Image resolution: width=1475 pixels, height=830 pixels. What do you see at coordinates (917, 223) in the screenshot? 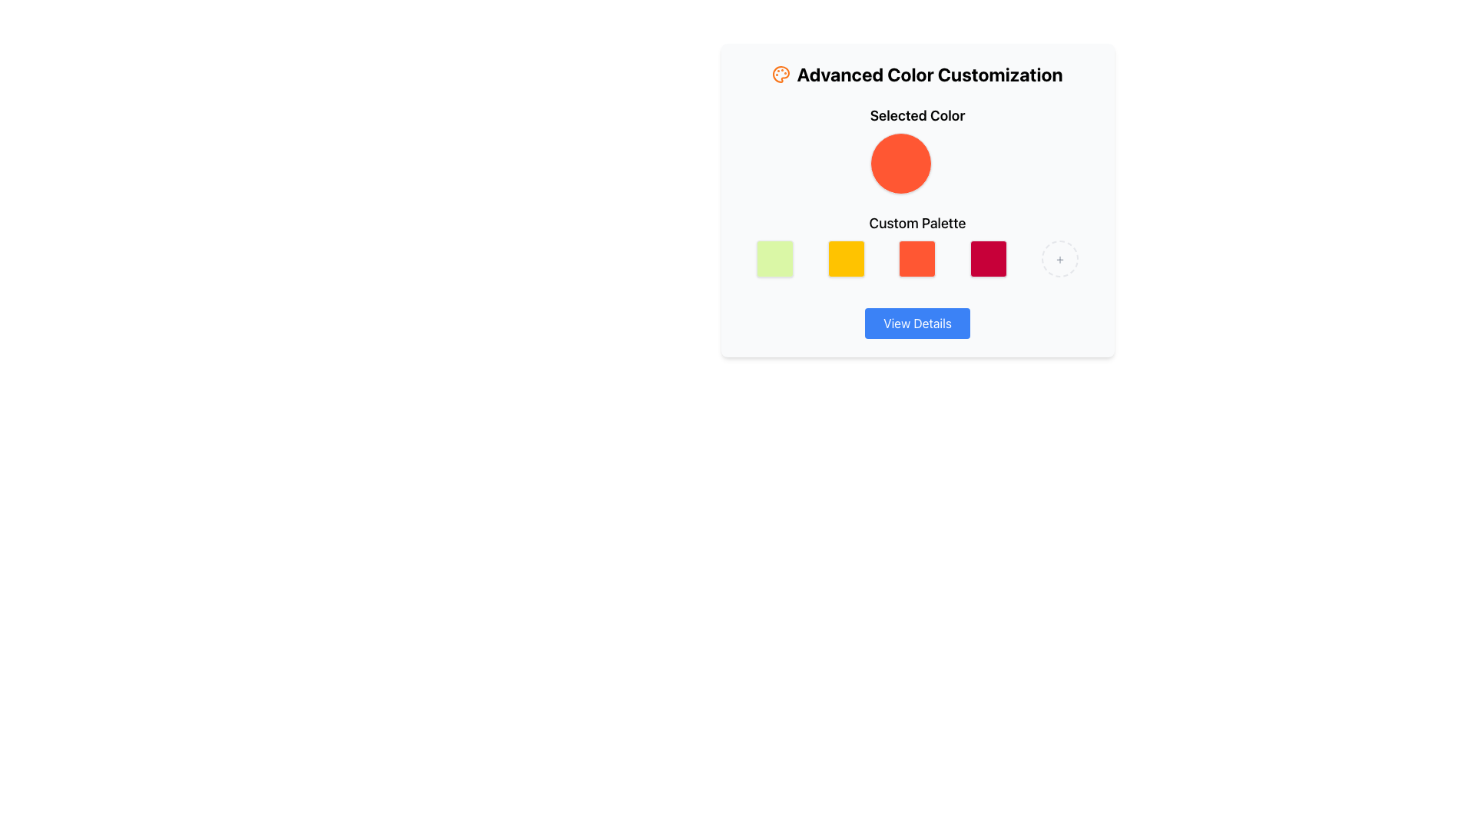
I see `the 'Custom Palette' text label, which is styled in bold font and positioned above a row of color blocks and '+' icons` at bounding box center [917, 223].